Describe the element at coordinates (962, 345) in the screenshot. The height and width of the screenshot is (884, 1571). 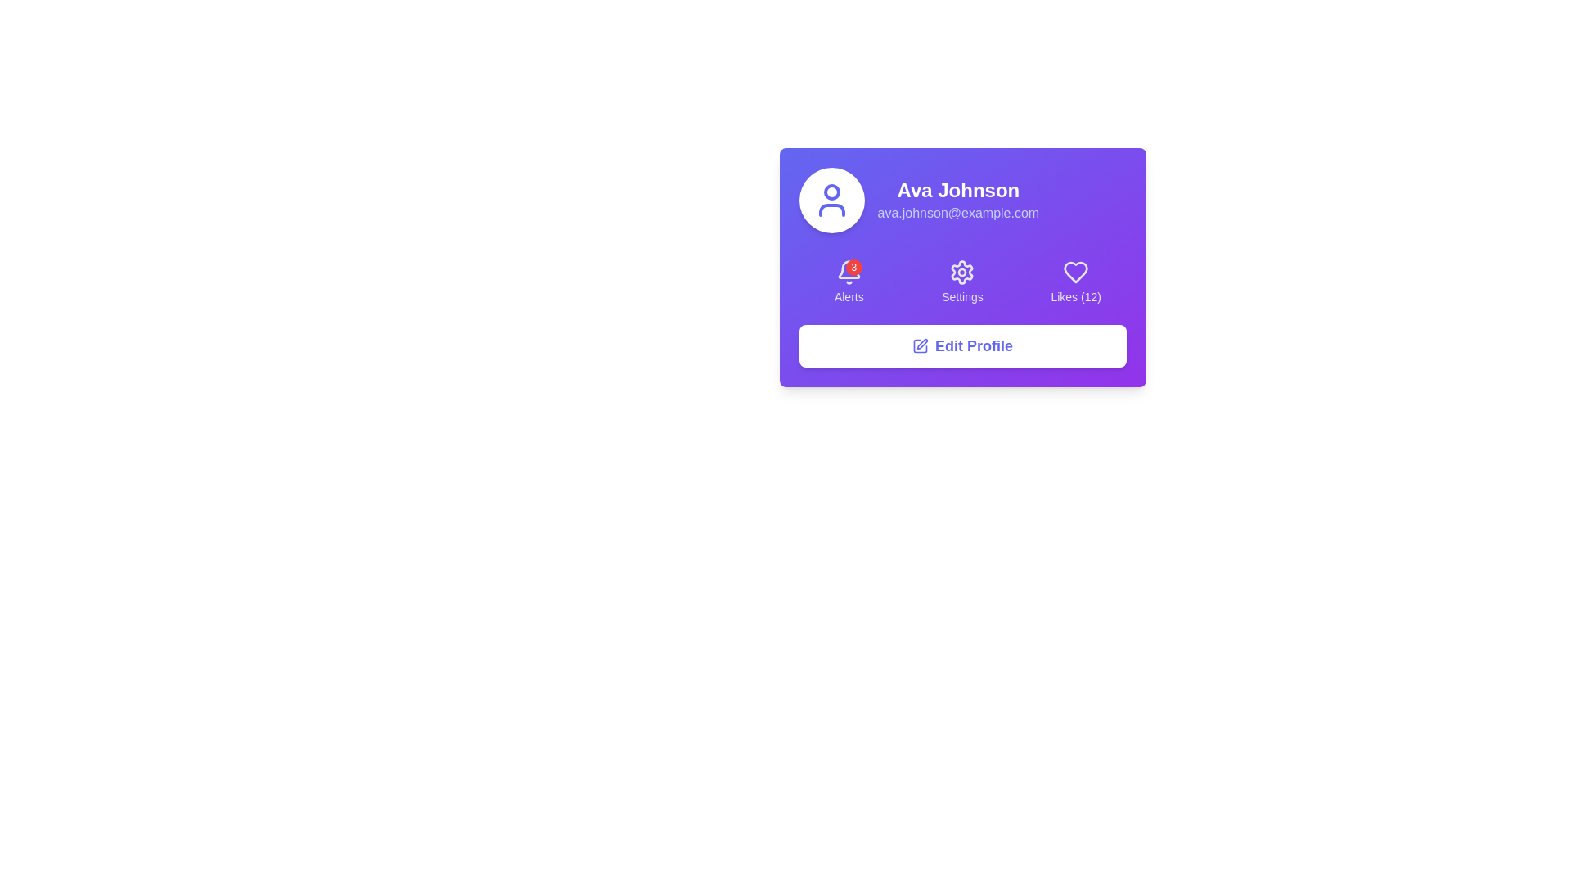
I see `the rectangular button labeled 'Edit Profile' with a pen icon` at that location.